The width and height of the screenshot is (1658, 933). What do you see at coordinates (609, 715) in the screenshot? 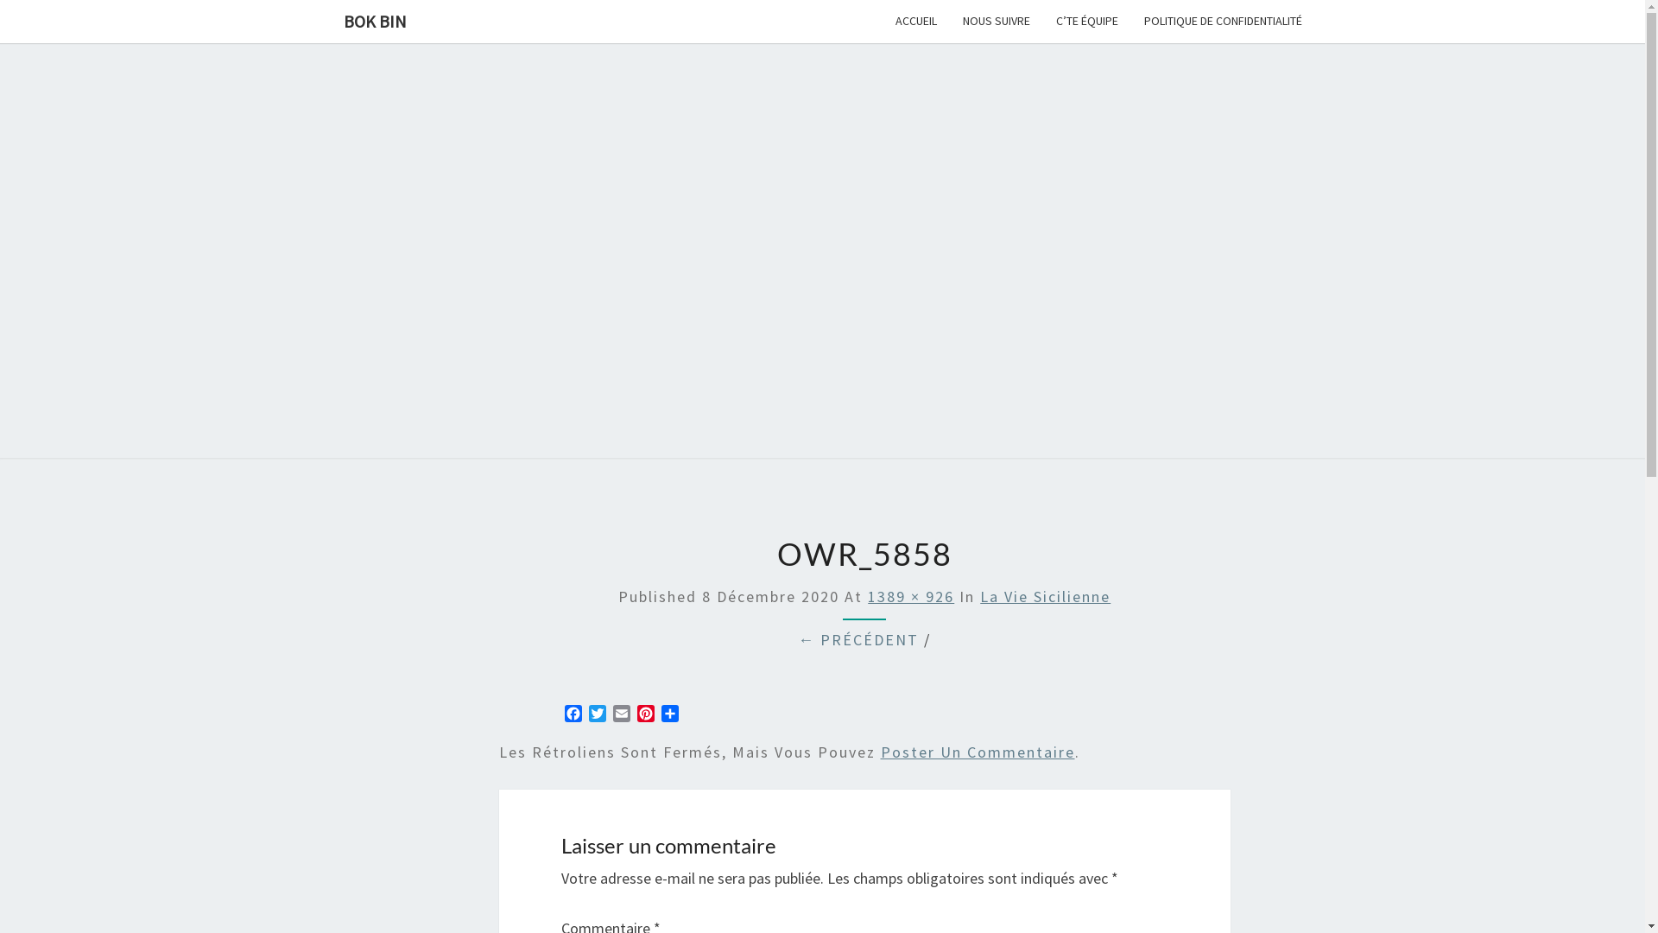
I see `'Email'` at bounding box center [609, 715].